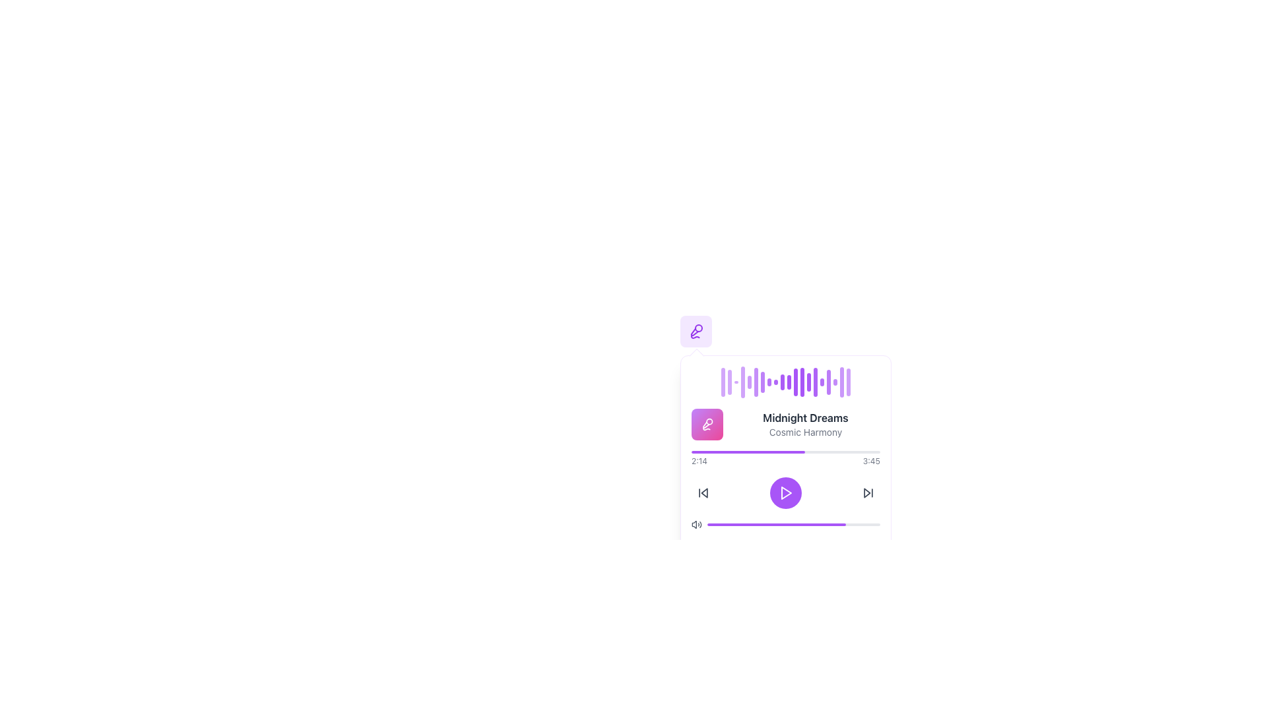  Describe the element at coordinates (804, 425) in the screenshot. I see `the text element that reads 'Midnight Dreams' in bold and dark lettering, which is styled with a smaller font and gray color for the second line 'Cosmic Harmony', located within a card interface beneath a decorative icon` at that location.